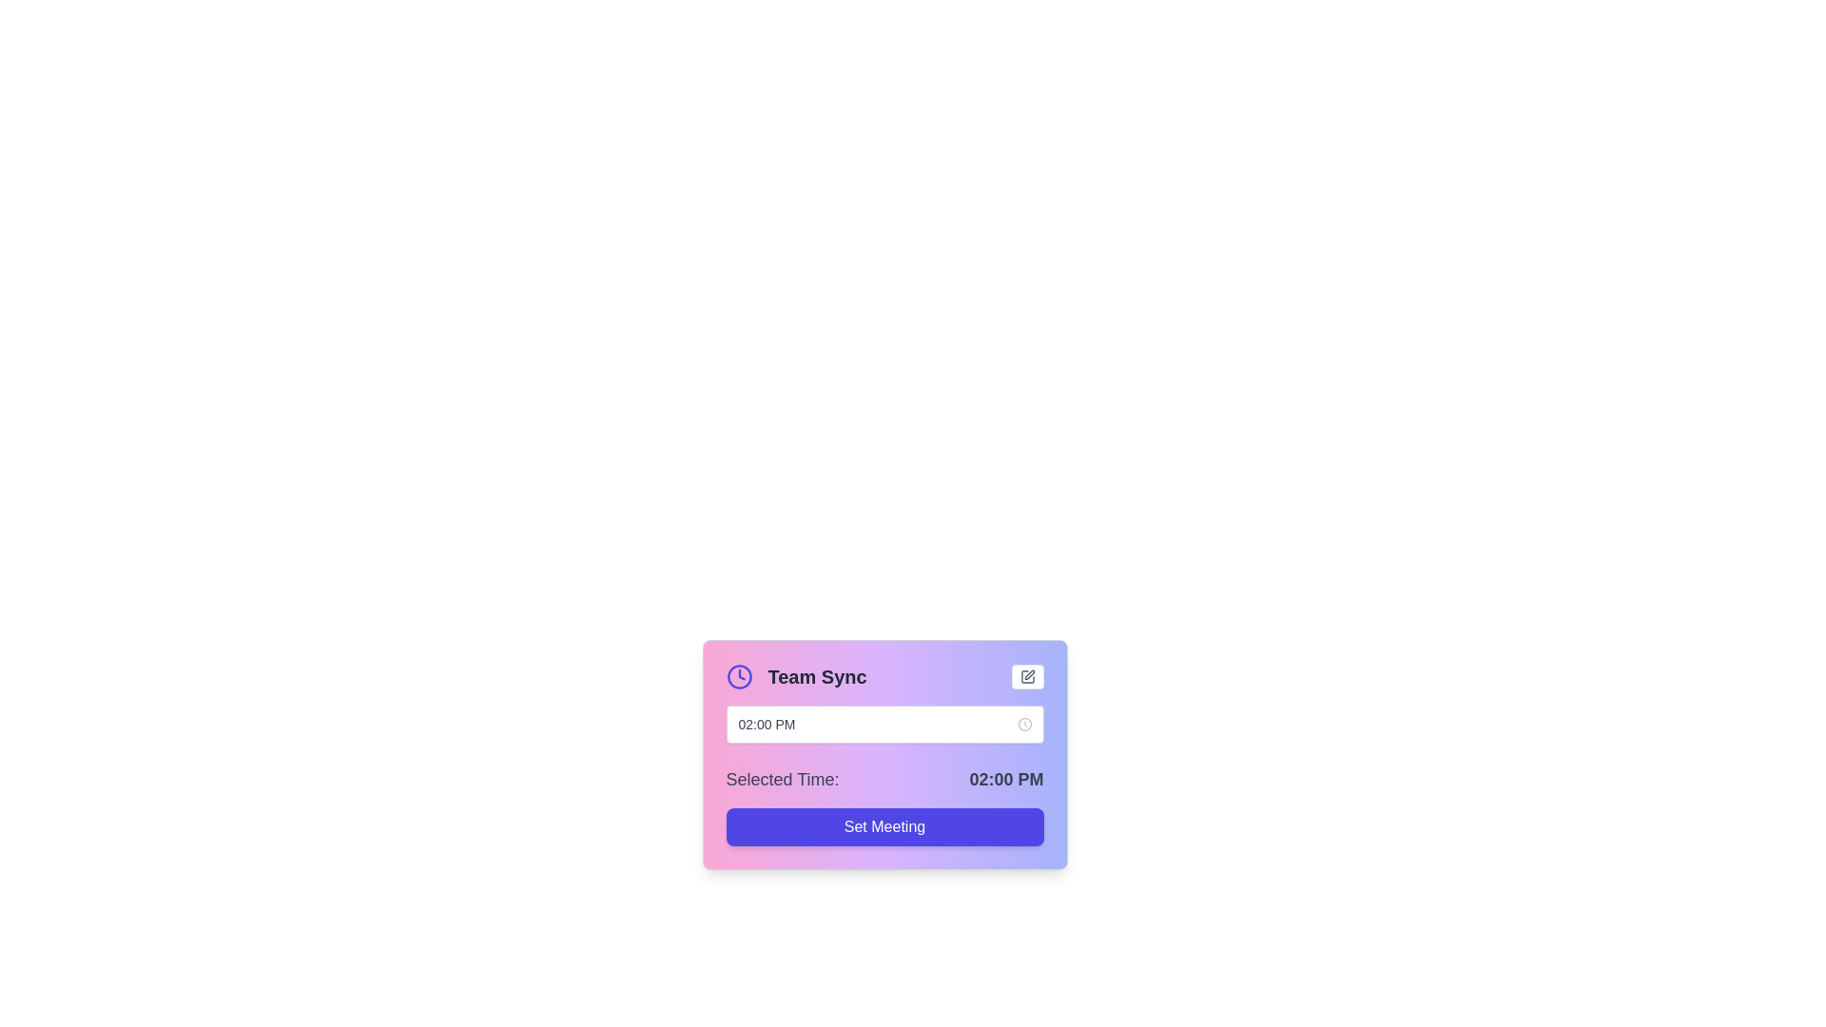 This screenshot has width=1826, height=1027. Describe the element at coordinates (884, 754) in the screenshot. I see `or edit the time field in the meeting setup interface, which is a central card-like structure allowing users to adjust meeting details` at that location.